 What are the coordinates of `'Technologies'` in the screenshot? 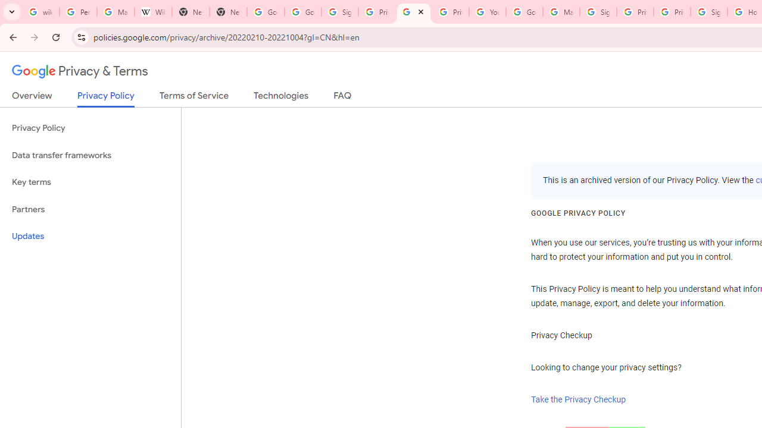 It's located at (280, 97).